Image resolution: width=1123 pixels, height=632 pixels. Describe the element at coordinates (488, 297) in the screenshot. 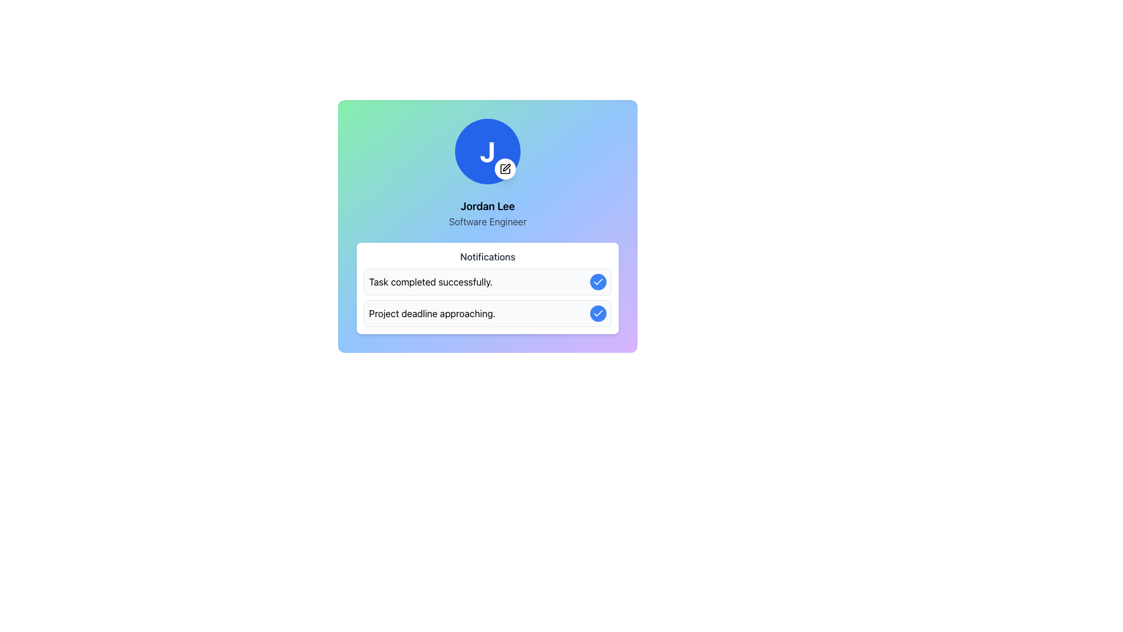

I see `the second notification list item, which reads 'Project deadline approaching.'` at that location.